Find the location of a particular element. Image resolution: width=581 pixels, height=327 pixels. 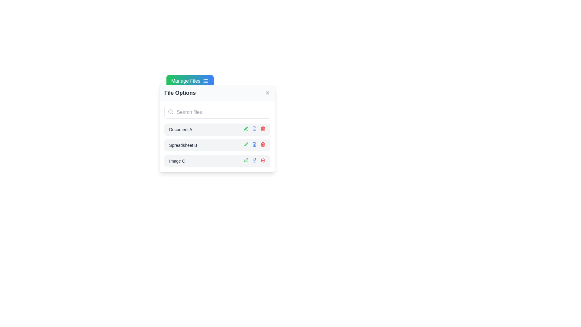

the blue icon button in the middle of the three horizontally aligned icons is located at coordinates (254, 128).